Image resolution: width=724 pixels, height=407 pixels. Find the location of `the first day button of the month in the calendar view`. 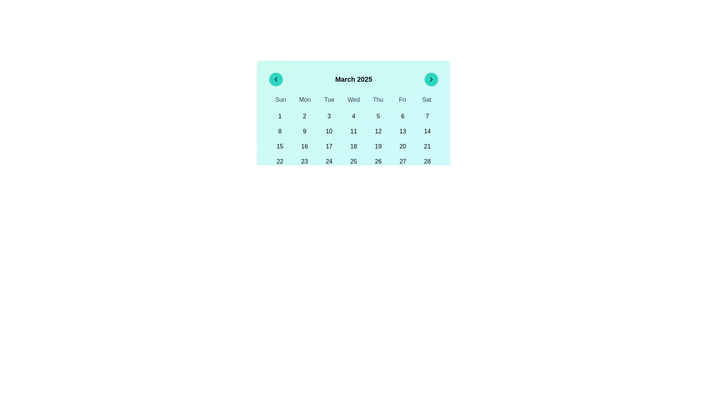

the first day button of the month in the calendar view is located at coordinates (279, 116).